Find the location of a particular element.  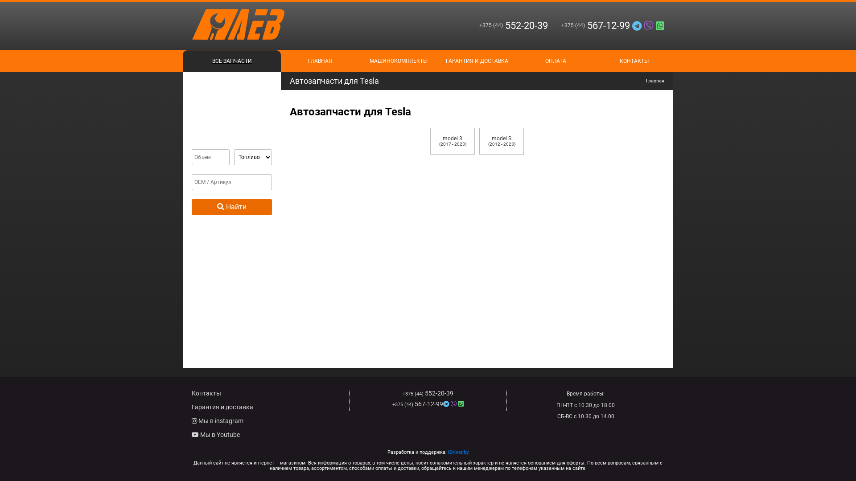

'+375 (44) 552-20-39' is located at coordinates (402, 393).